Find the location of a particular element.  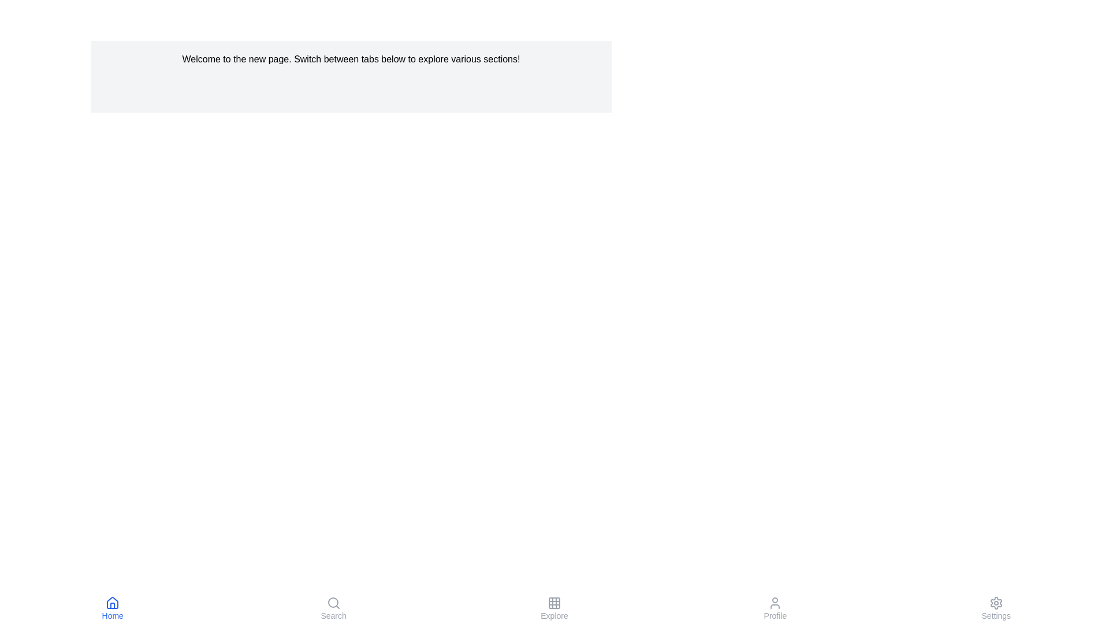

the 'Profile' static text label located in the bottom navigation bar, which serves as the descriptor for the 'Profile' navigation button is located at coordinates (775, 615).